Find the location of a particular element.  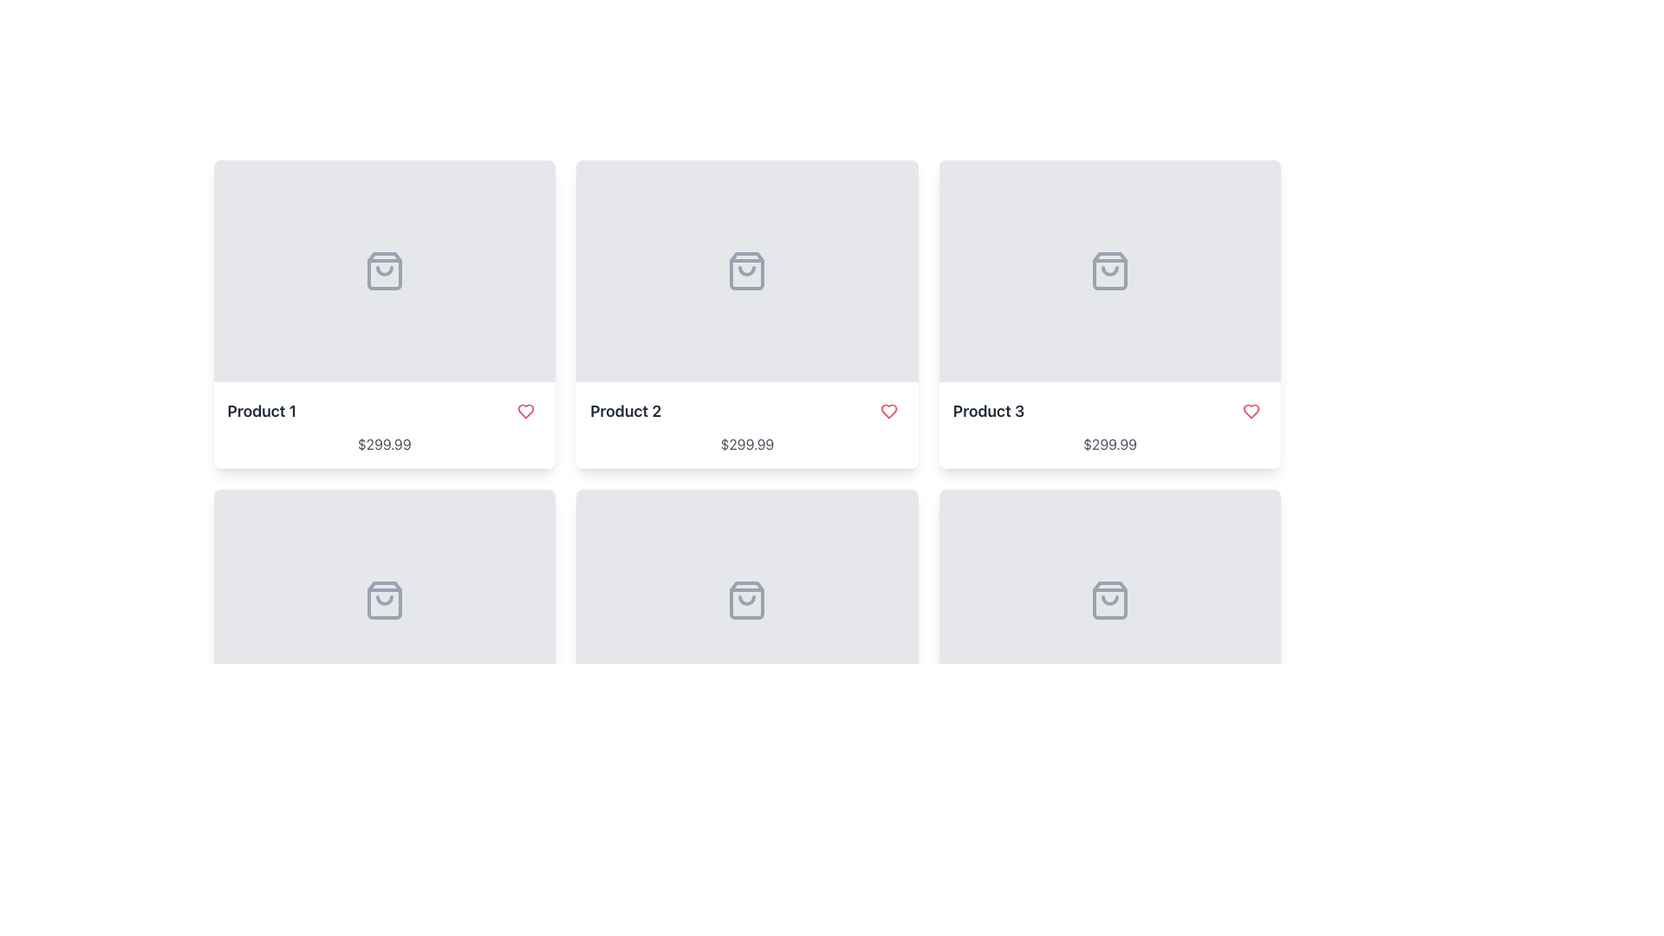

the favorite button with a heart icon located at the far-right end of the row for 'Product 1' is located at coordinates (524, 411).